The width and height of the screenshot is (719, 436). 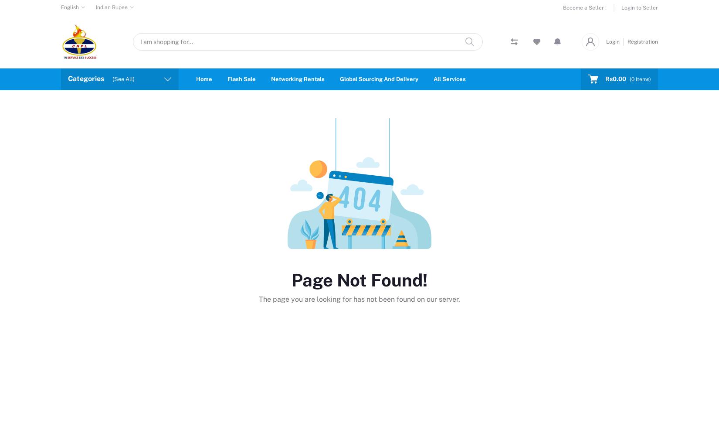 I want to click on 'Categories', so click(x=86, y=78).